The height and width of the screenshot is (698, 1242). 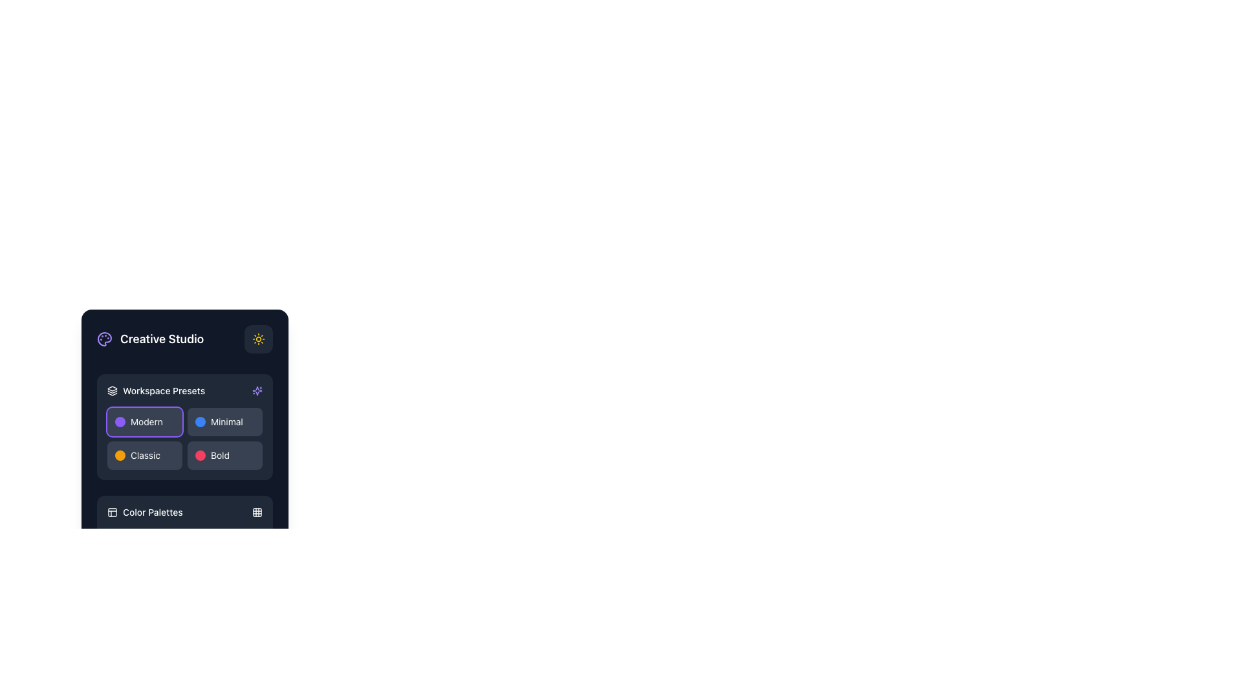 What do you see at coordinates (163, 390) in the screenshot?
I see `the 'Workspace Presets' text label, which is styled in white on a dark background and positioned between the 'layers' icon and a small settings icon` at bounding box center [163, 390].